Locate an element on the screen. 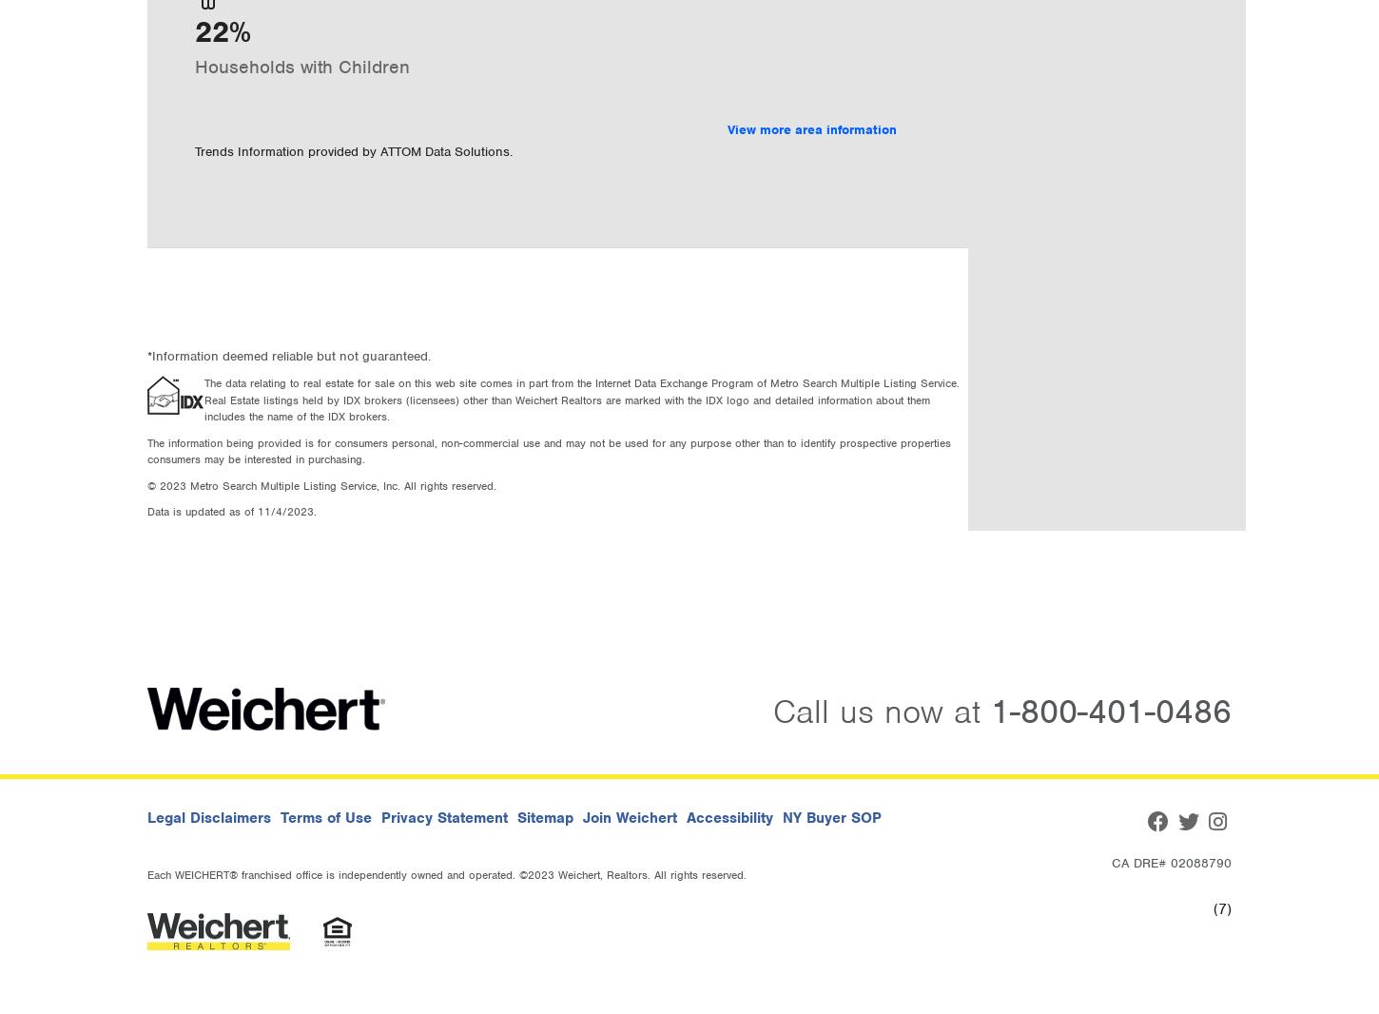  '© 2023 Metro Search Multiple Listing Service, Inc. All rights reserved.' is located at coordinates (321, 484).